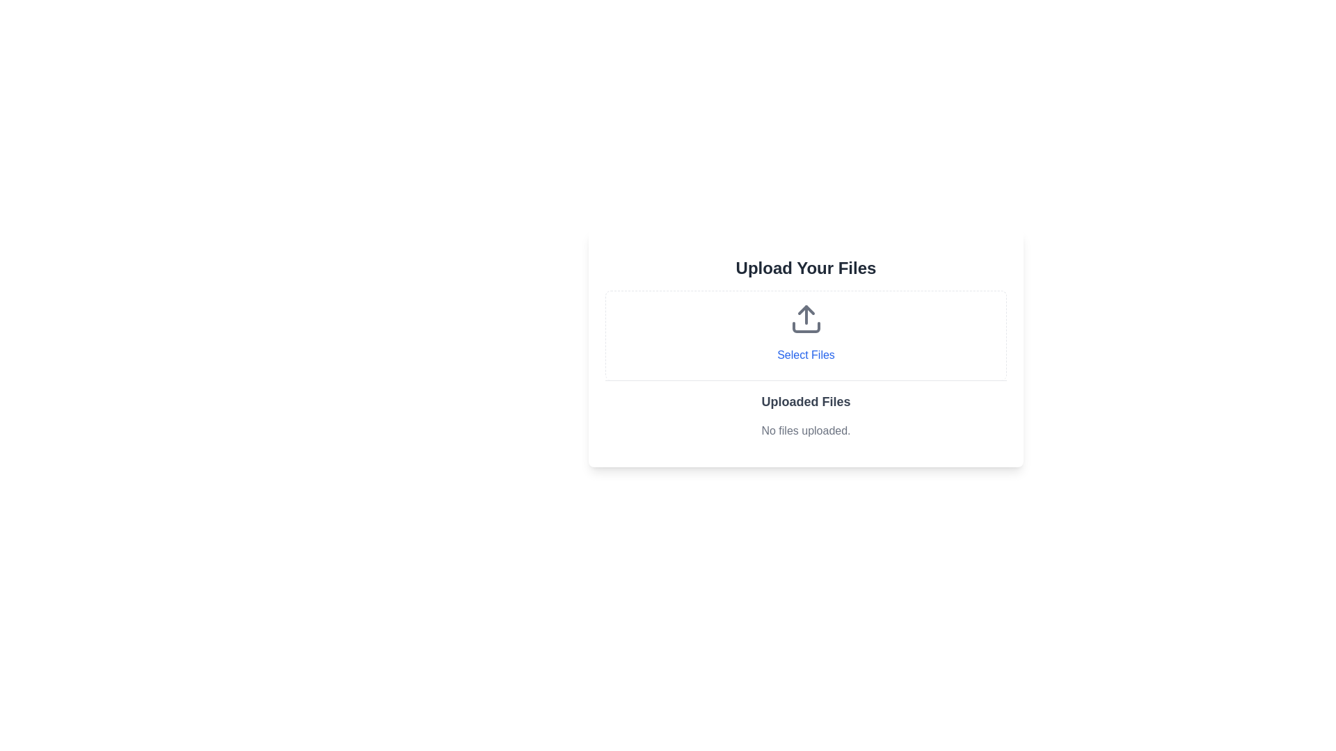 The height and width of the screenshot is (751, 1336). What do you see at coordinates (806, 354) in the screenshot?
I see `the 'Select Files' interactive text button, which is styled with a blue font color and located below the upload icon in the 'Upload Your Files' section` at bounding box center [806, 354].